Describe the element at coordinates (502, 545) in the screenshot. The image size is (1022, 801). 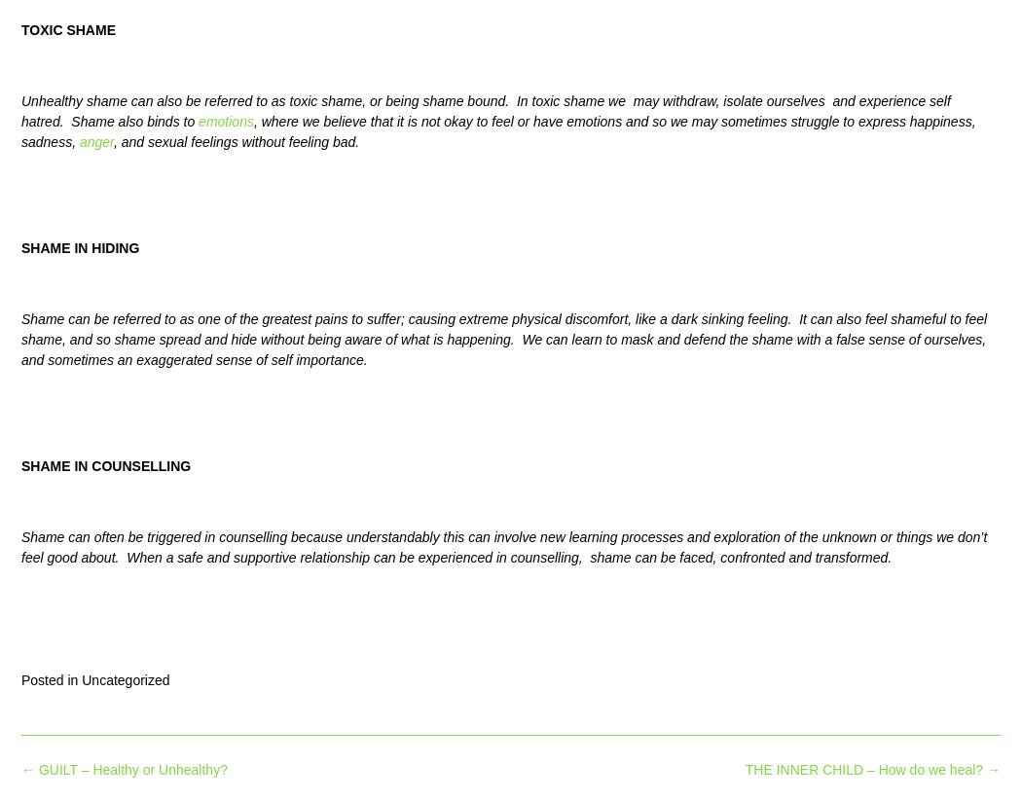
I see `'Shame can often be triggered in counselling because understandably this can involve new learning processes and exploration of the unknown or things we don’t feel good about.  When a safe and supportive relationship can be experienced in counselling,  shame can be faced, confronted and transformed.'` at that location.